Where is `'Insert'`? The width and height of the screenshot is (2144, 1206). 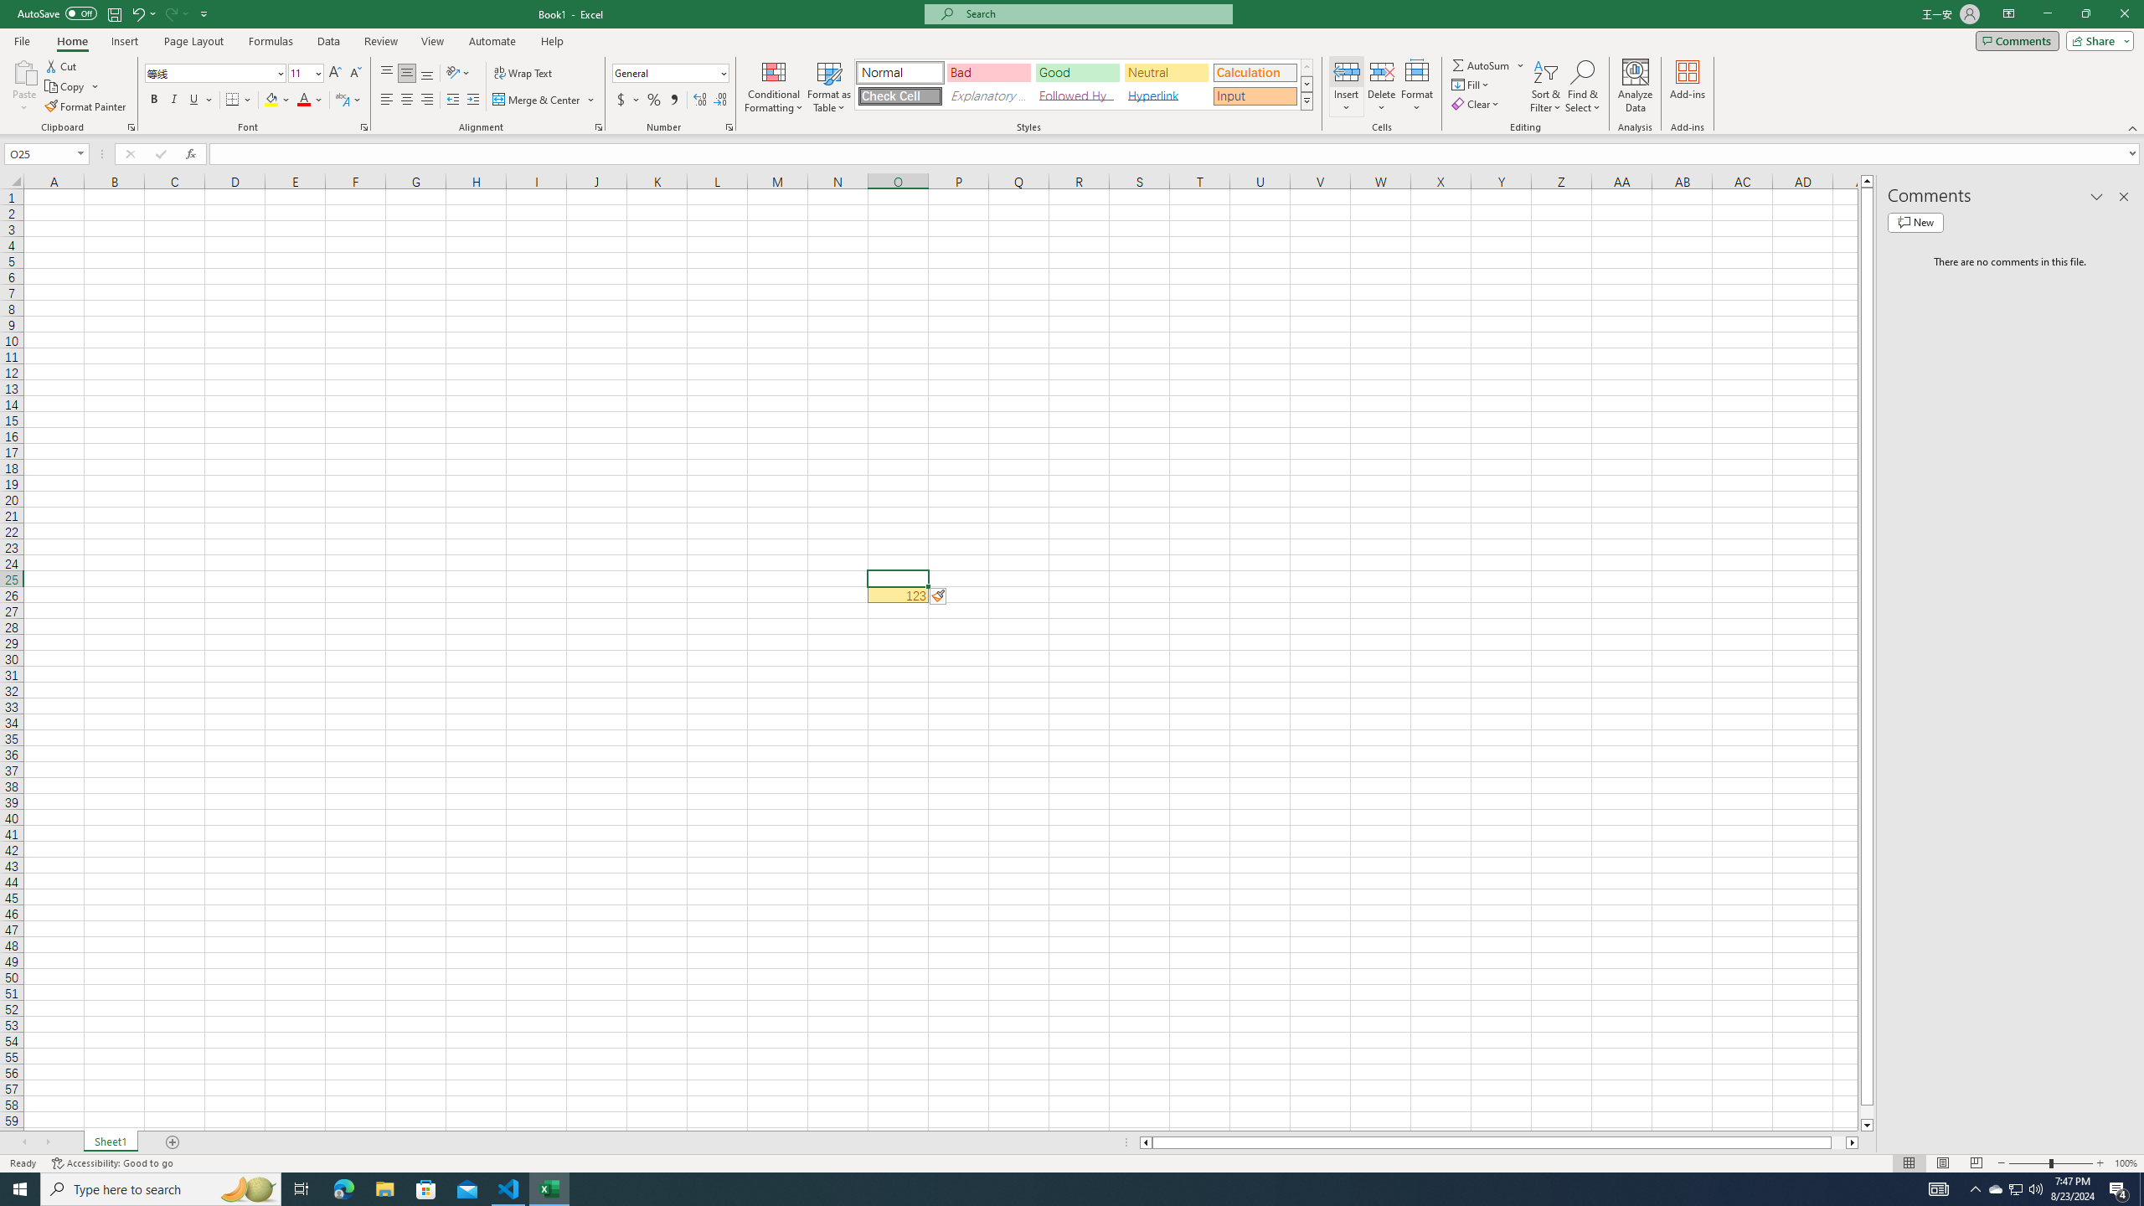
'Insert' is located at coordinates (1345, 86).